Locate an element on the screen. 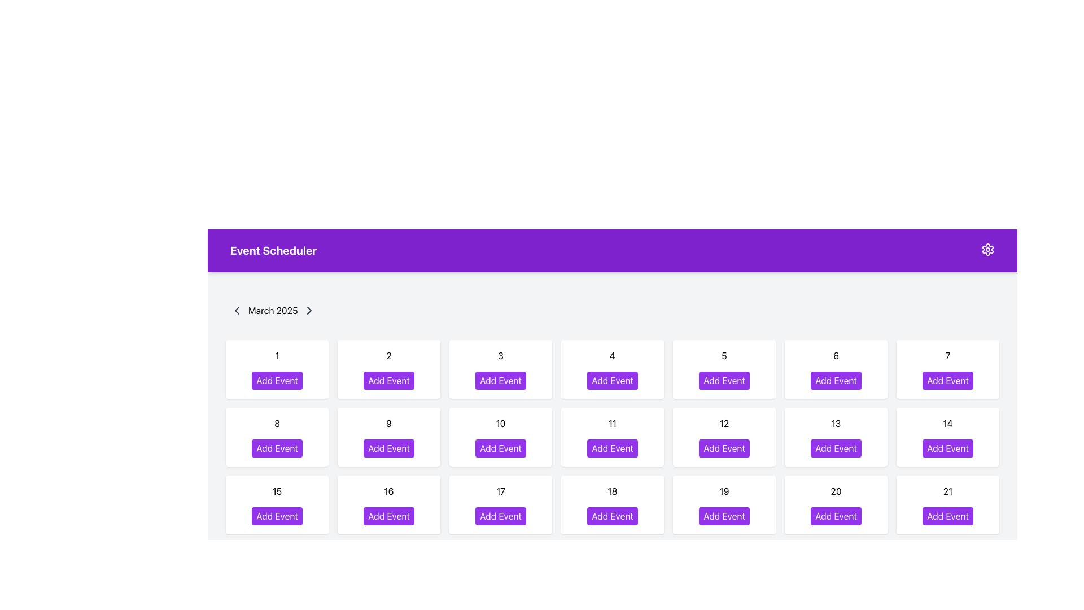 The width and height of the screenshot is (1084, 610). the 'Add Event' button with a rounded rectangular shape and purple background, located in the 'Event Scheduler' page, section labeled '11', third row, third column is located at coordinates (611, 448).